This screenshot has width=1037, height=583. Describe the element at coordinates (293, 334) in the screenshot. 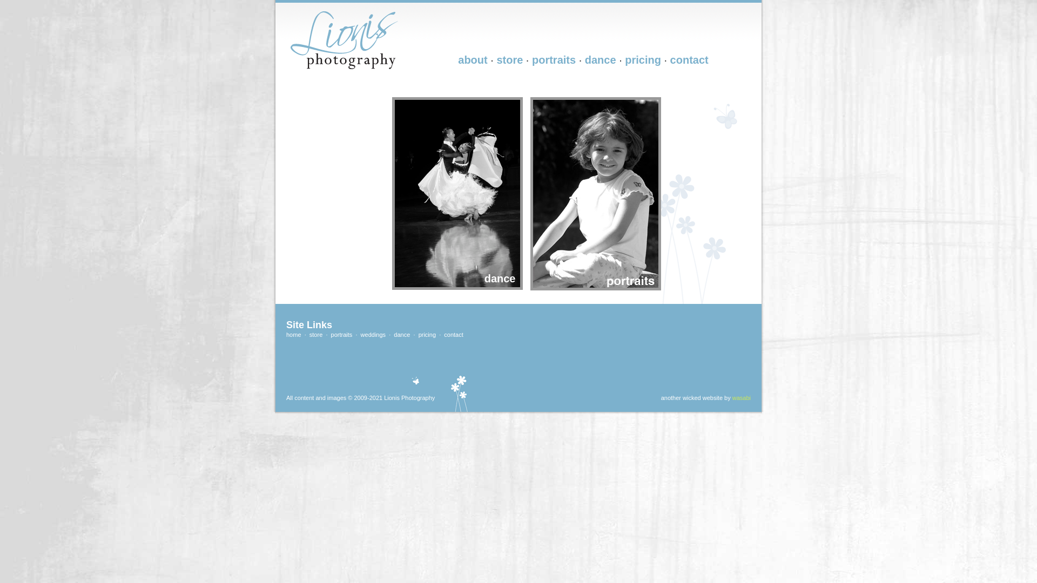

I see `'home'` at that location.